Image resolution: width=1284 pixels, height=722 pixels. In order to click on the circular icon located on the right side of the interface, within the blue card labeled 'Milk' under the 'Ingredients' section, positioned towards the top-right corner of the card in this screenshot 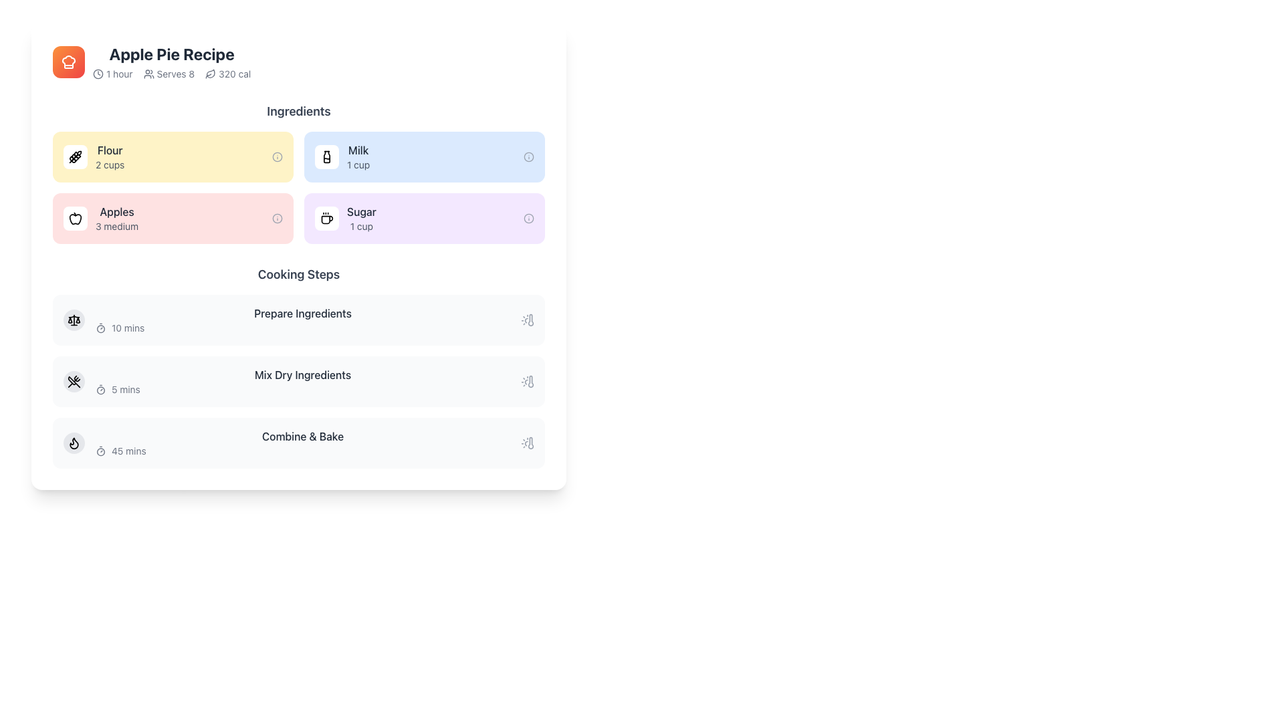, I will do `click(528, 156)`.